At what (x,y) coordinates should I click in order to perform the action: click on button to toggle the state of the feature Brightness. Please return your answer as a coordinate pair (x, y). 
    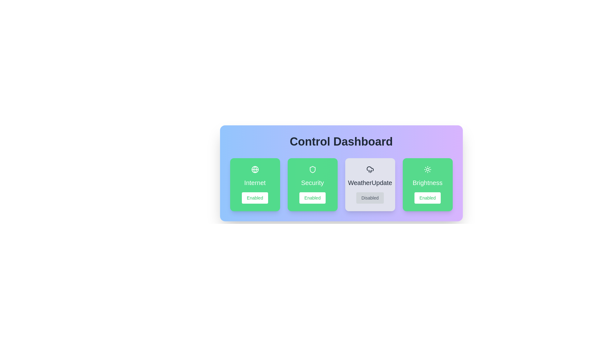
    Looking at the image, I should click on (427, 198).